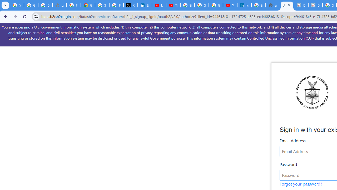 This screenshot has height=190, width=337. Describe the element at coordinates (315, 5) in the screenshot. I see `'Data Privacy Framework'` at that location.